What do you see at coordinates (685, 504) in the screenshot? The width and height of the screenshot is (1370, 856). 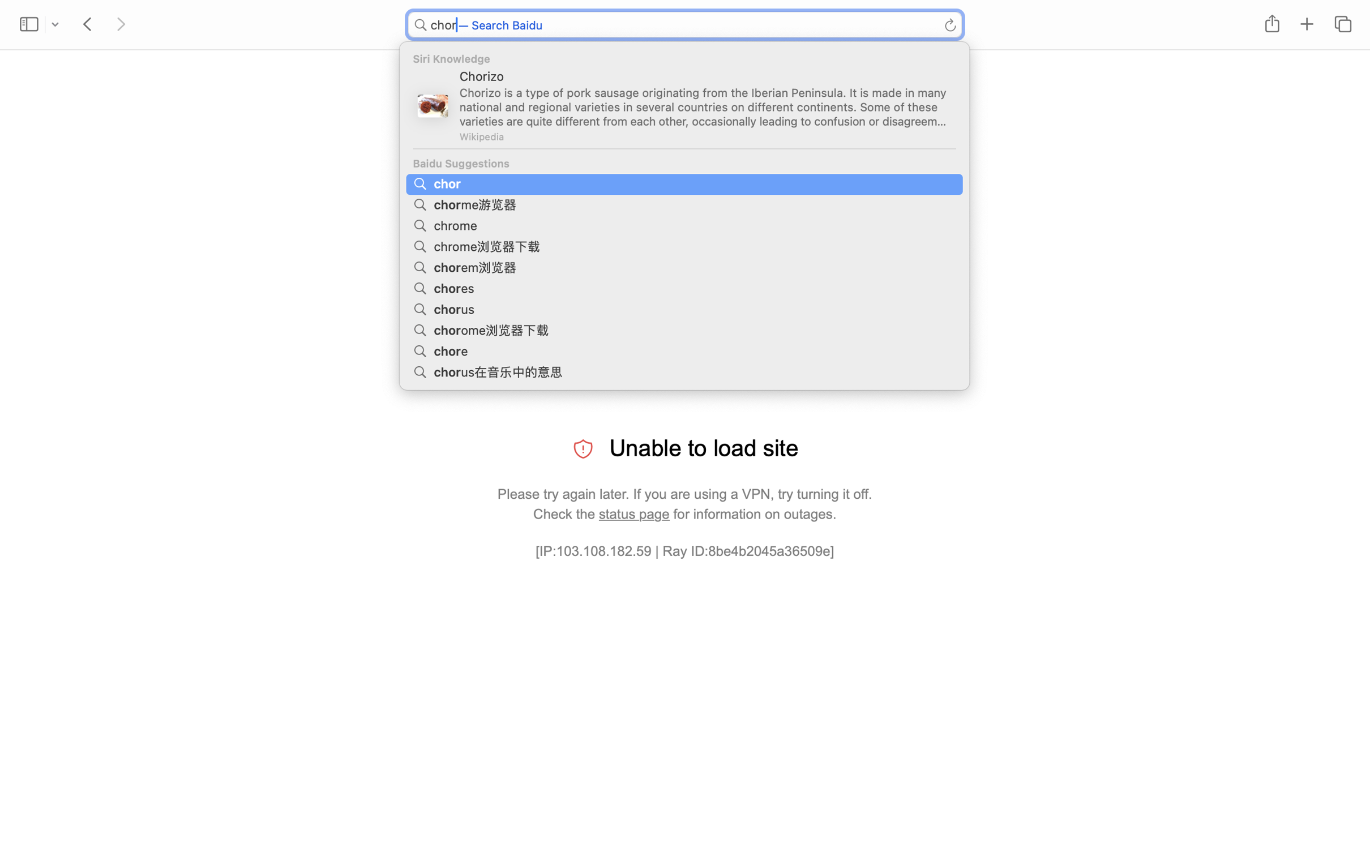 I see `'Please try again later. If you are using a VPN, try turning it off. Check the'` at bounding box center [685, 504].